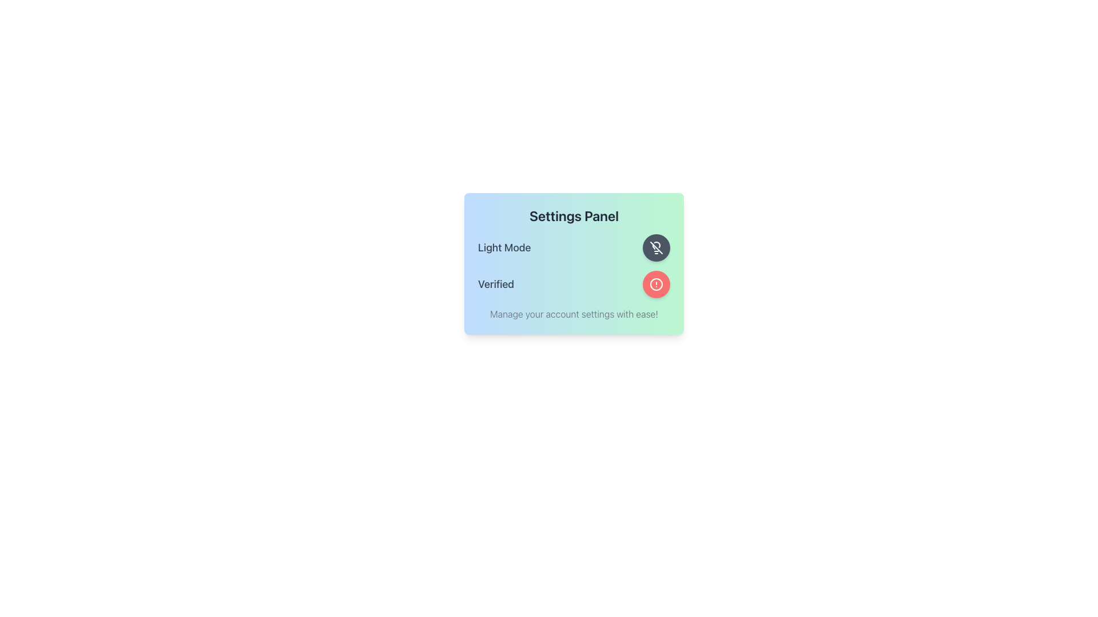  I want to click on the curved line segment of the lightbulb icon located in the upper-right section of the 'Light Mode' button in the settings card, so click(657, 244).